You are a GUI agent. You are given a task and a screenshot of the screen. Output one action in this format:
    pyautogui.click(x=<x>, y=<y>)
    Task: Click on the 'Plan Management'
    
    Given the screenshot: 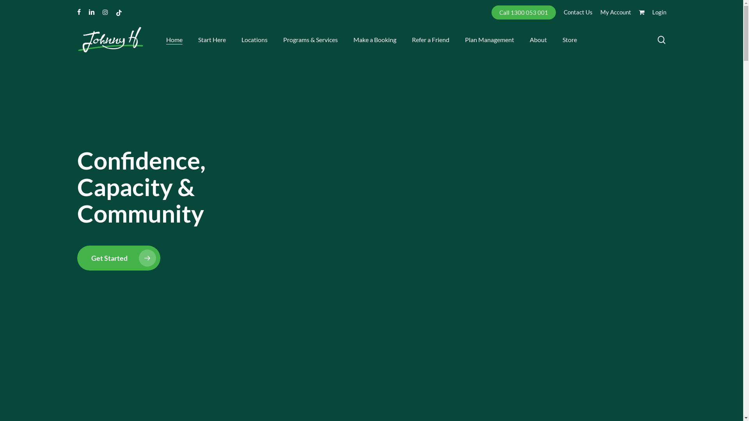 What is the action you would take?
    pyautogui.click(x=465, y=39)
    